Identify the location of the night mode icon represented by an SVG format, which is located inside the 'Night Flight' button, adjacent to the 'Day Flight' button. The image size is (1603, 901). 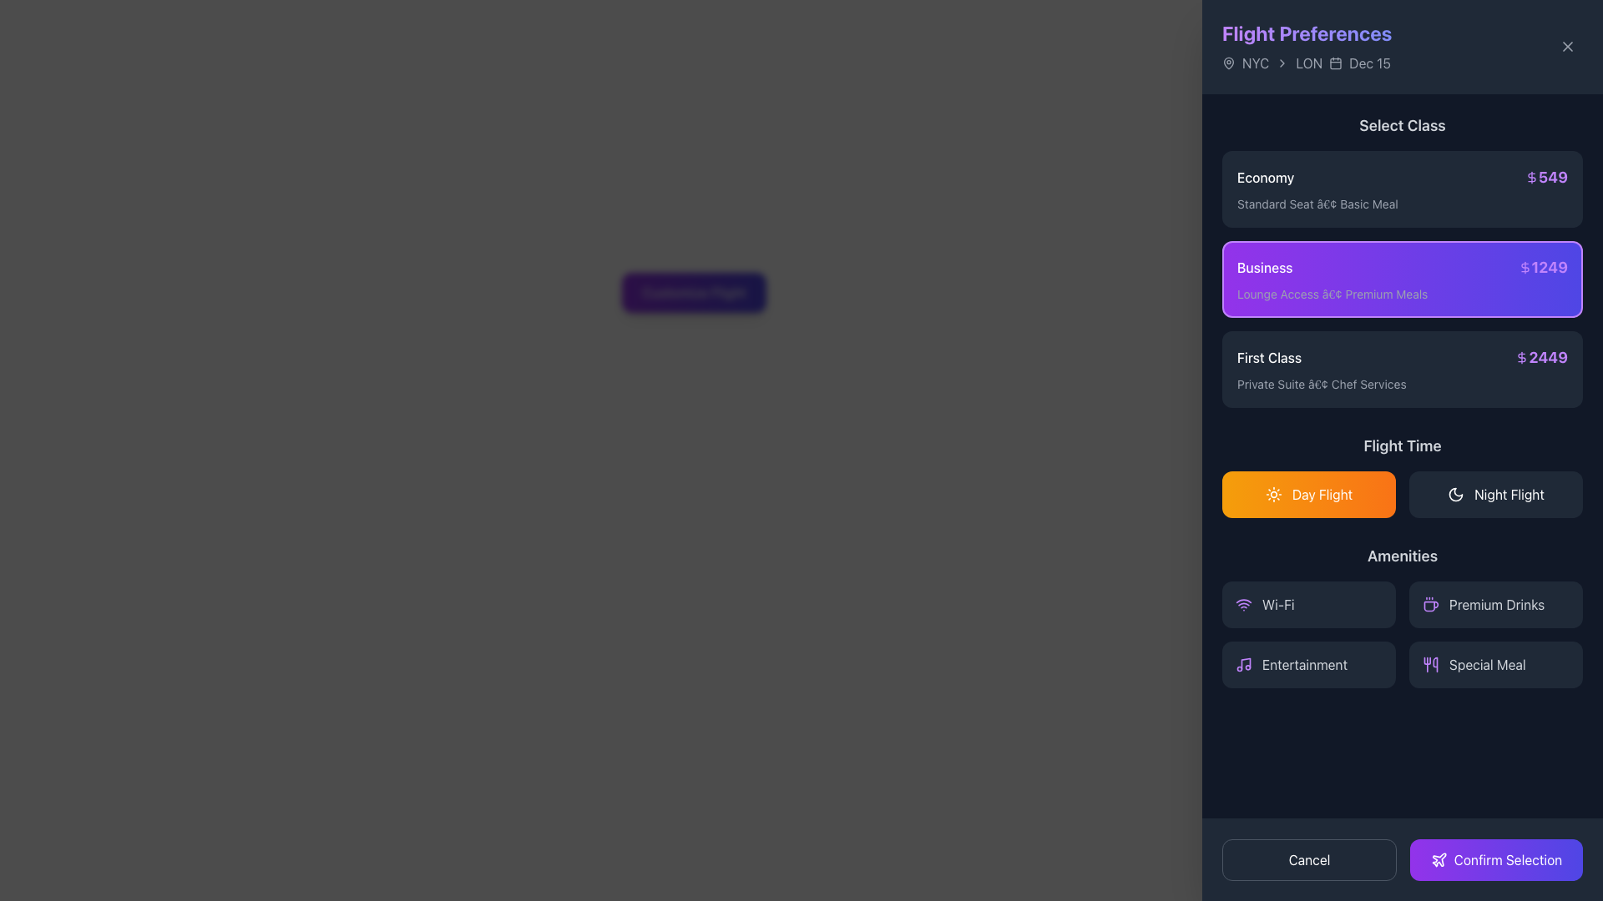
(1455, 494).